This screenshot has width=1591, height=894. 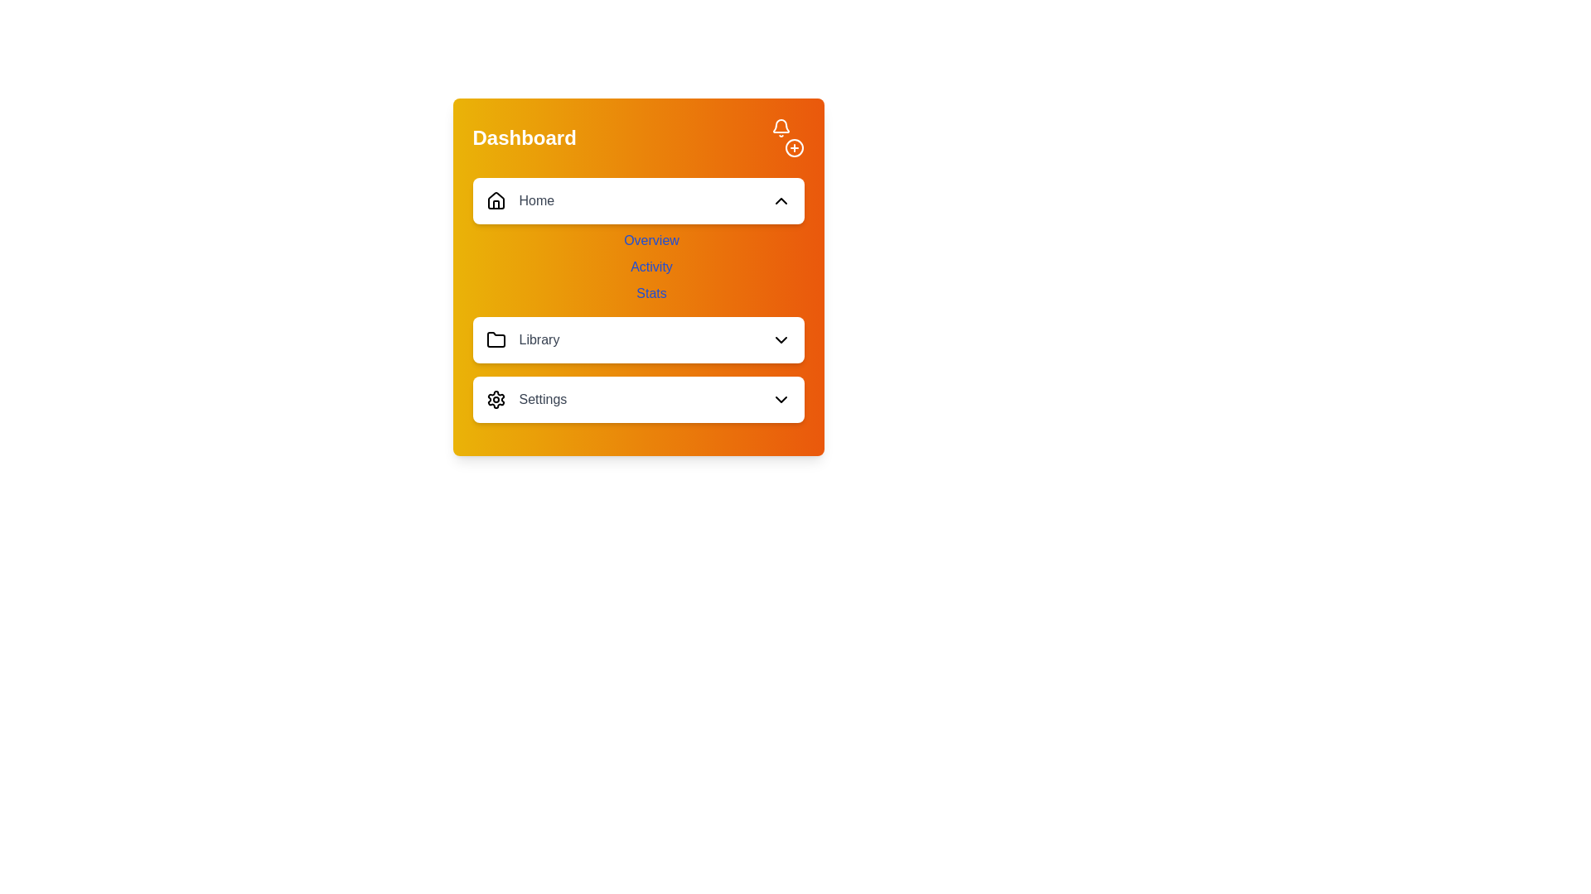 I want to click on the 'Home' text label, which is positioned to the right of a house-shaped icon in the top section of the interface, so click(x=536, y=200).